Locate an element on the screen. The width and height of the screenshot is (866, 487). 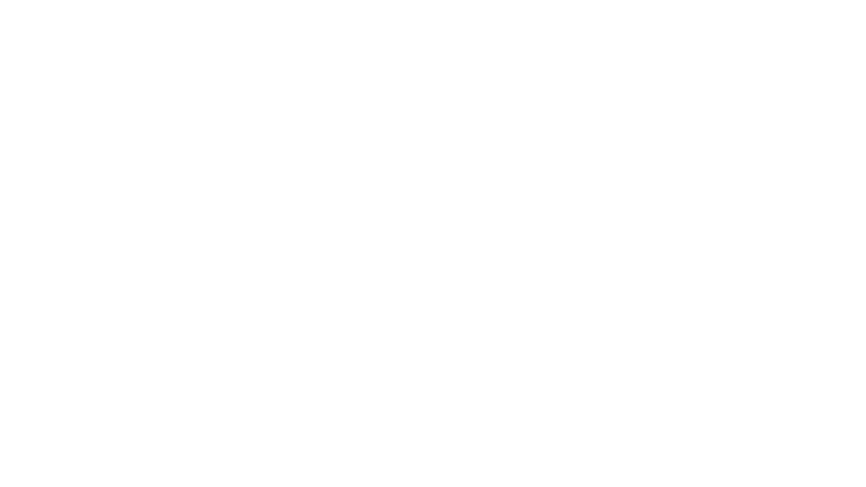
Svetlana Vozykova is located at coordinates (597, 117).